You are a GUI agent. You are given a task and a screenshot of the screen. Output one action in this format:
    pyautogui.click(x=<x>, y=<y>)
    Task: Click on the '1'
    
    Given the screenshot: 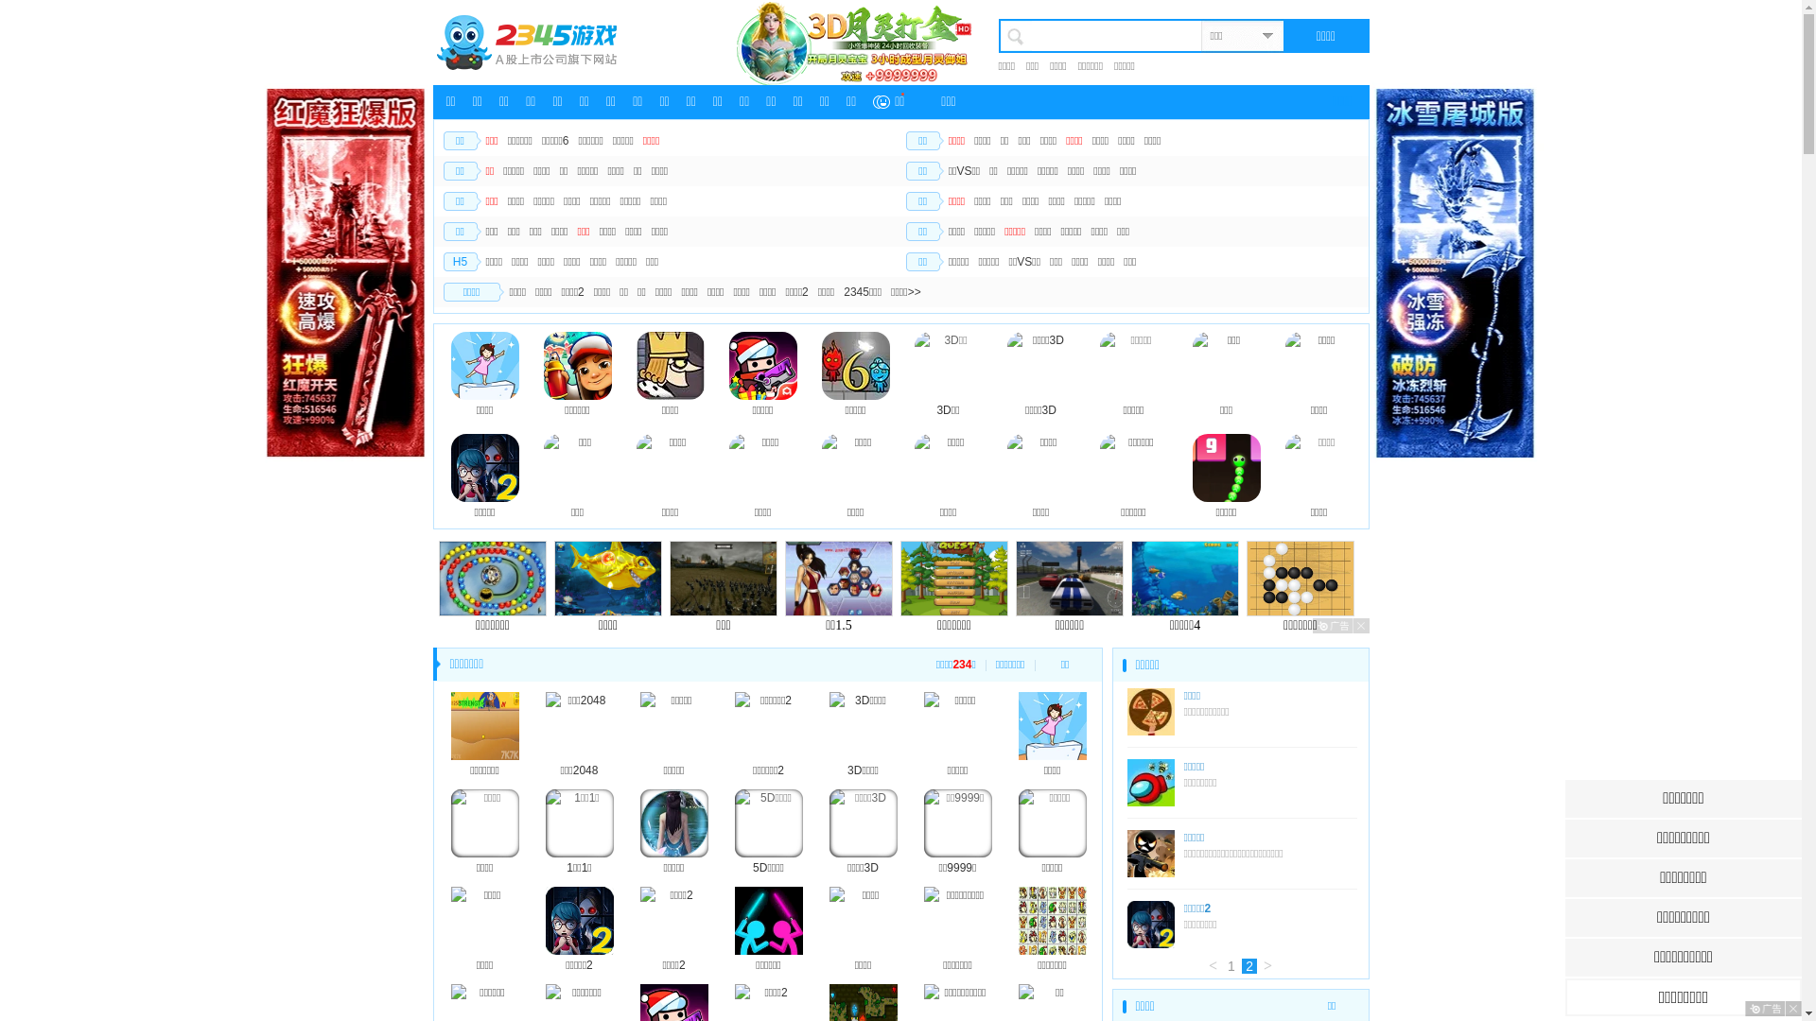 What is the action you would take?
    pyautogui.click(x=1231, y=966)
    